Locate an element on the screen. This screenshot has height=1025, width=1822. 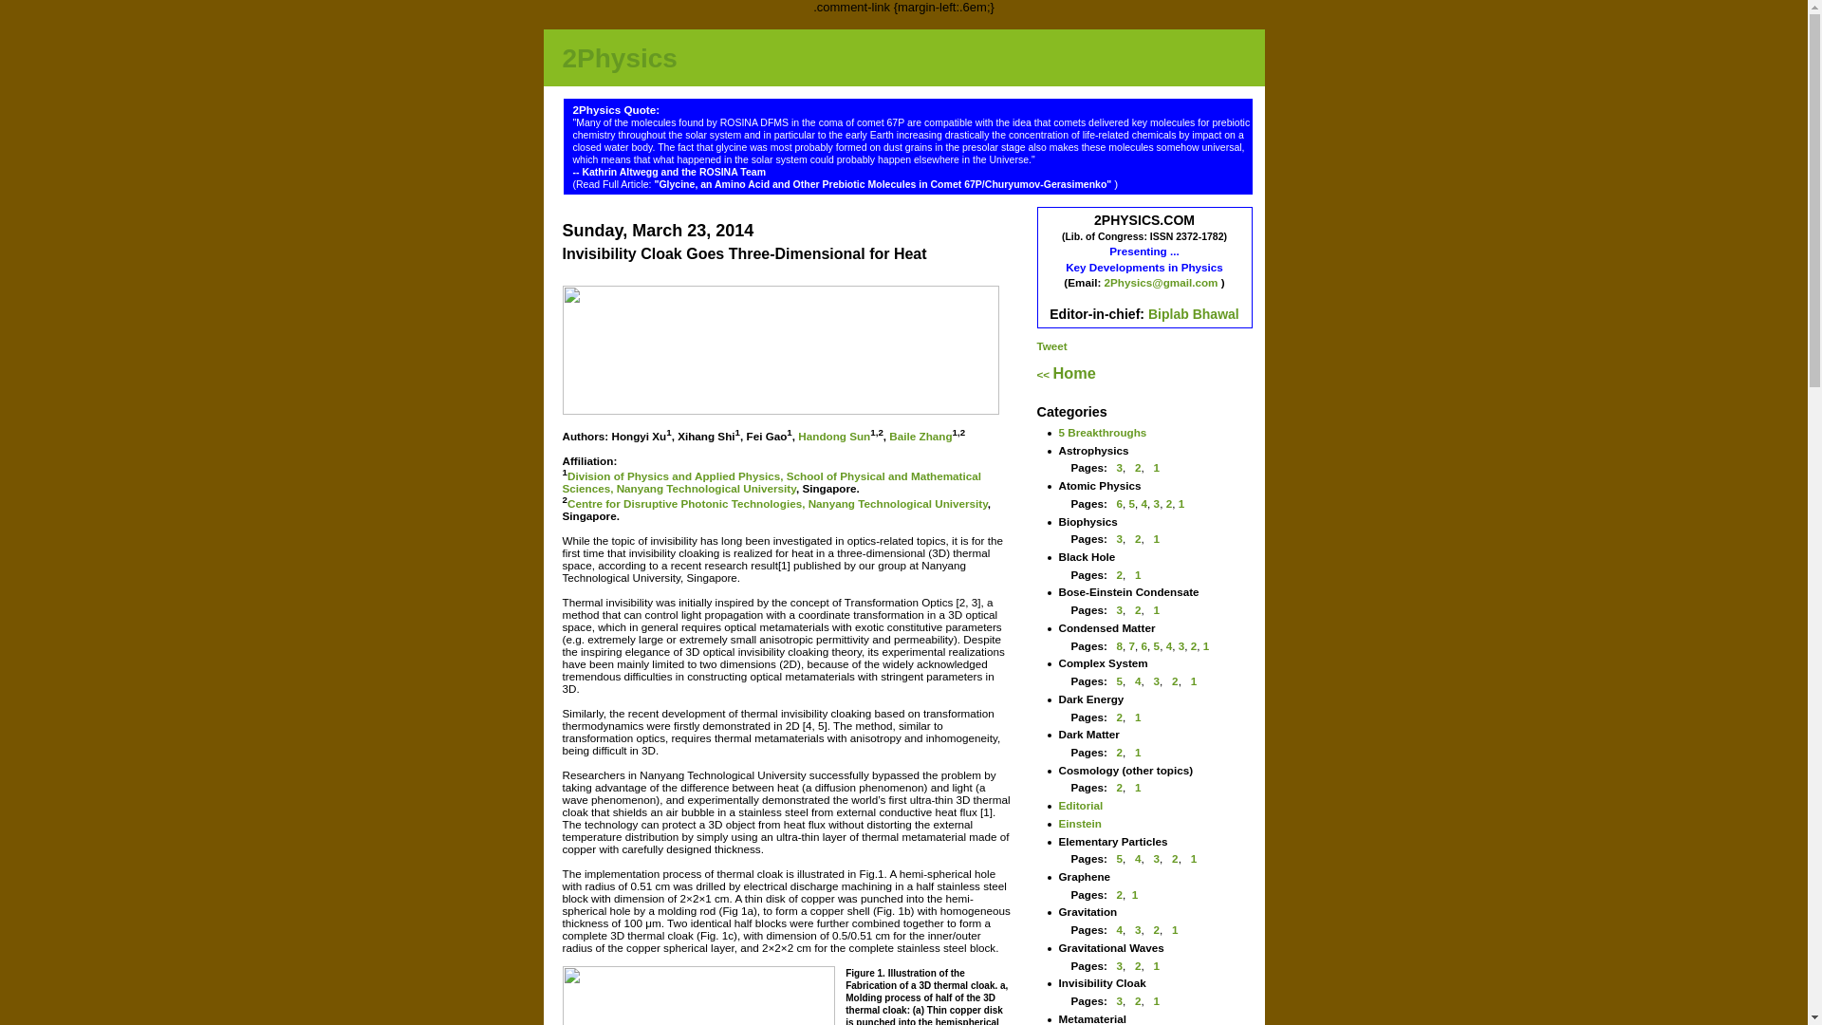
'2' is located at coordinates (1138, 609).